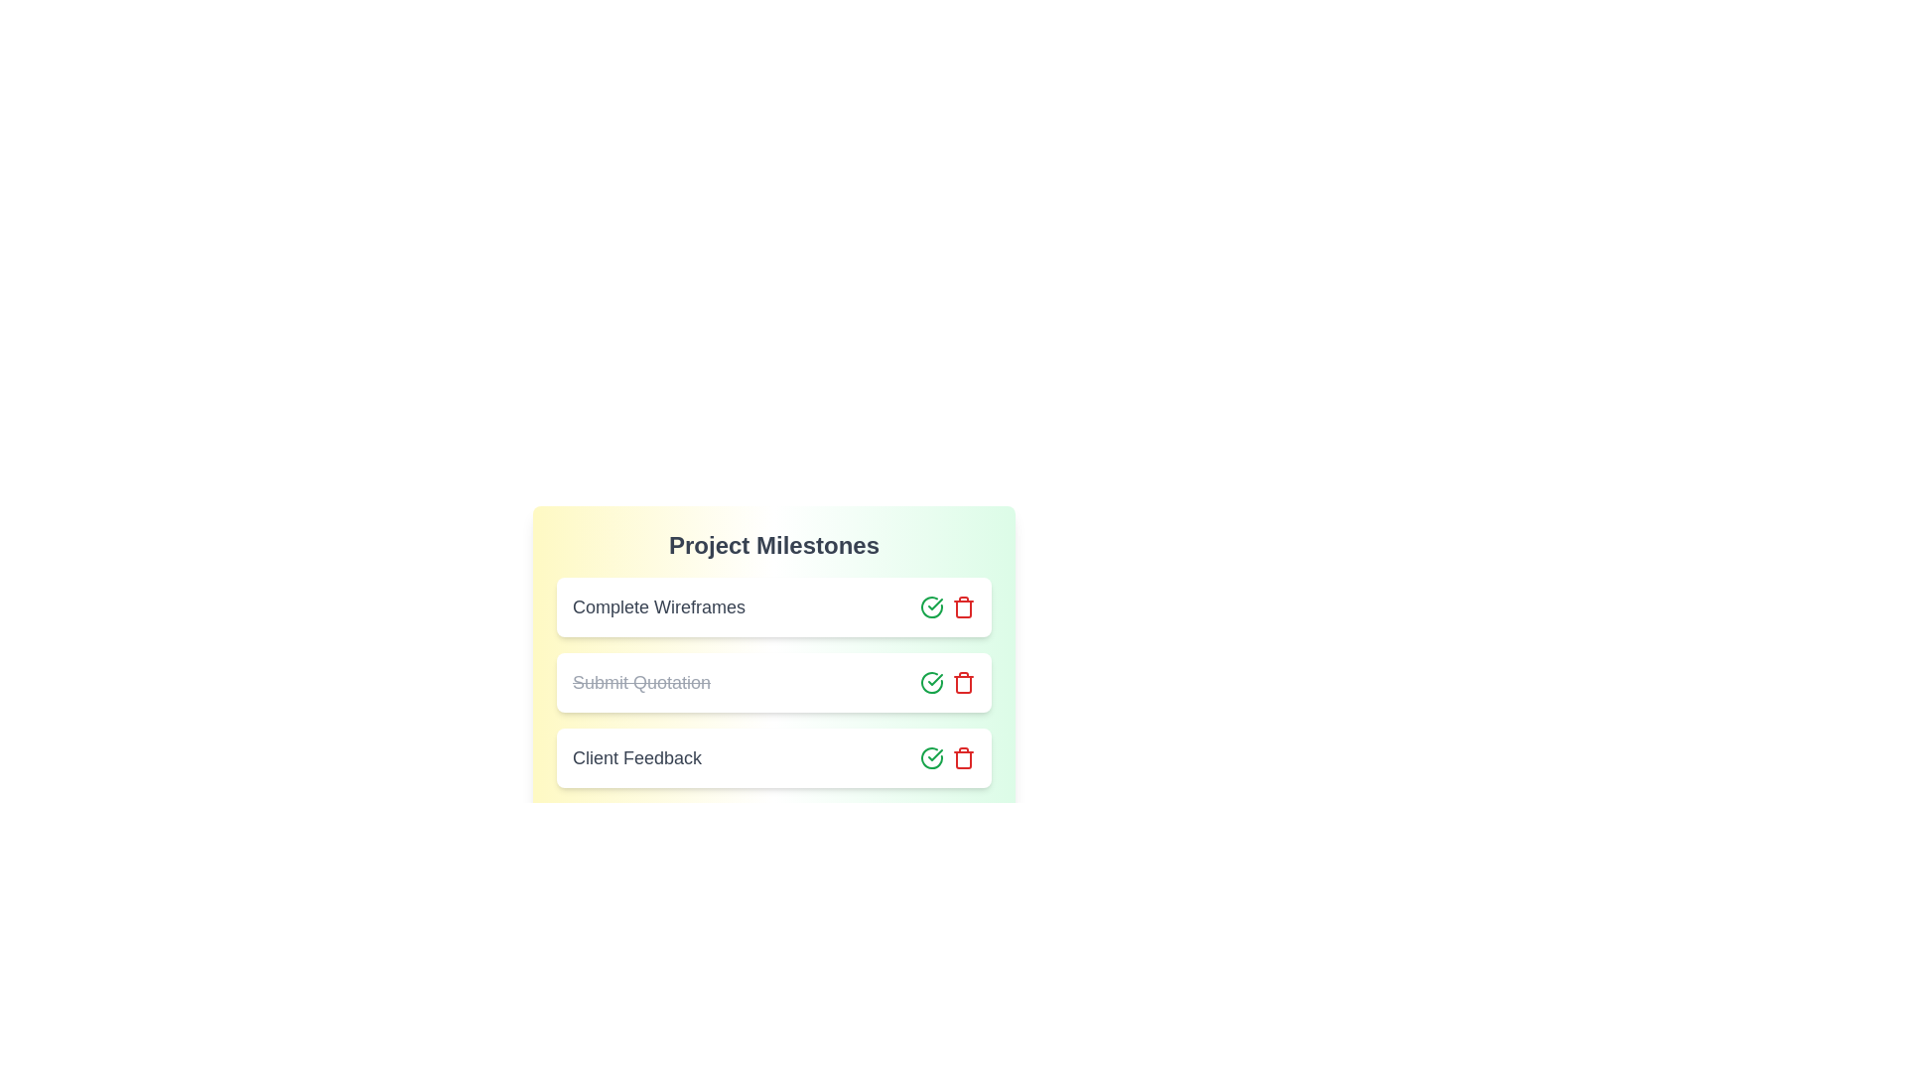 This screenshot has width=1906, height=1072. Describe the element at coordinates (963, 757) in the screenshot. I see `the delete button for the task 'Client Feedback'` at that location.